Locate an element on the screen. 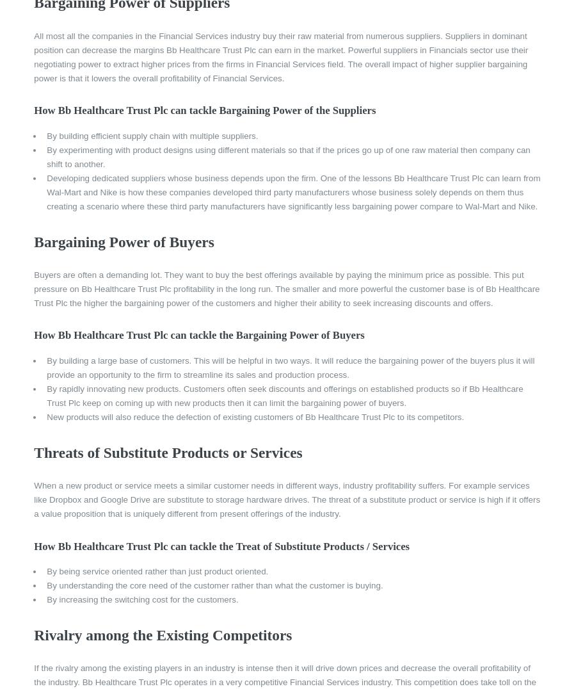 The height and width of the screenshot is (689, 576). 'By rapidly innovating new products. Customers  often seek discounts and offerings on established products so if  Bb Healthcare Trust Plc keep on coming up with new products then it can limit the  bargaining power of buyers.' is located at coordinates (284, 396).